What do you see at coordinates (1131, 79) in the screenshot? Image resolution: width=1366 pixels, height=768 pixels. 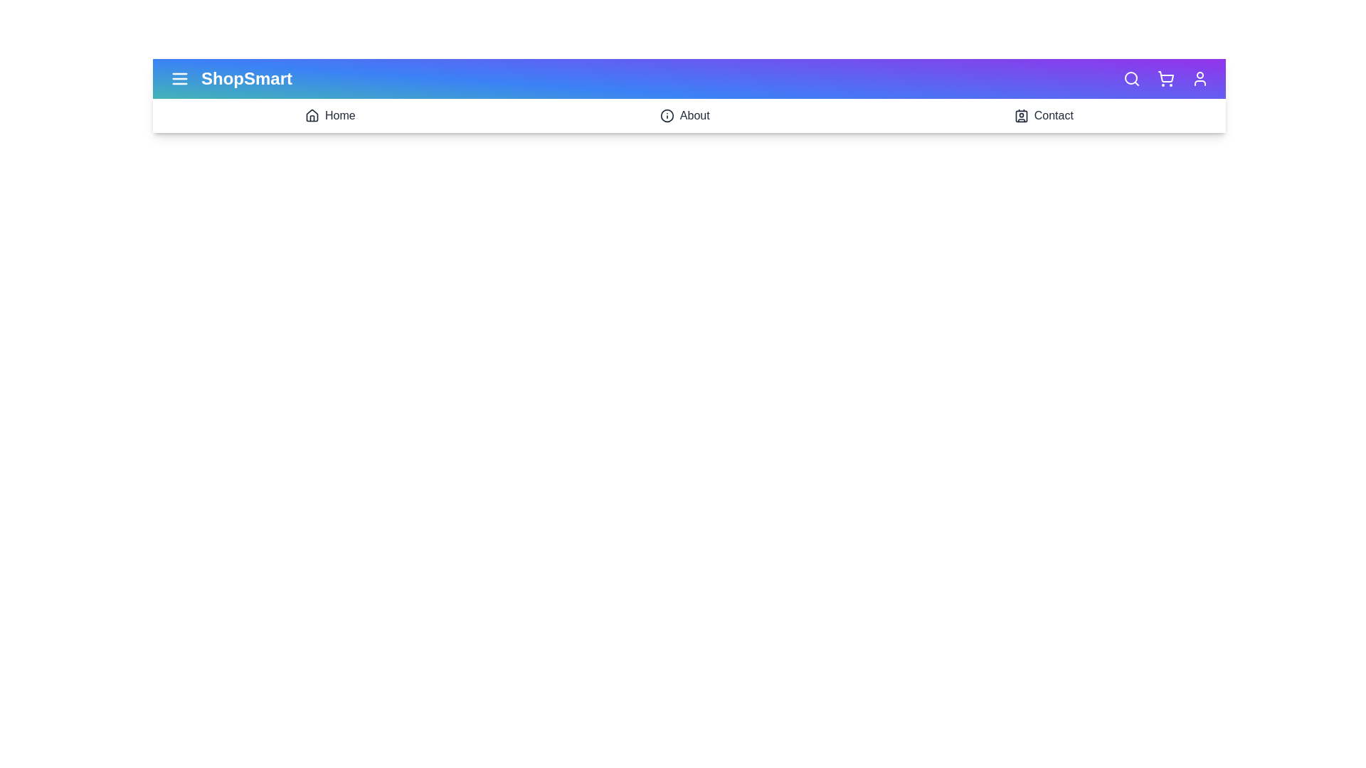 I see `the search icon to initiate the search functionality` at bounding box center [1131, 79].